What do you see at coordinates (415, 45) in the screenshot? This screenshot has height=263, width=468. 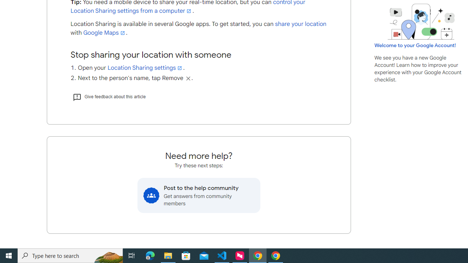 I see `'Welcome to your Google Account!'` at bounding box center [415, 45].